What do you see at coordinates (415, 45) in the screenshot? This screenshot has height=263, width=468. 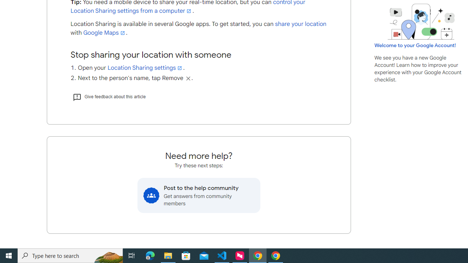 I see `'Welcome to your Google Account!'` at bounding box center [415, 45].